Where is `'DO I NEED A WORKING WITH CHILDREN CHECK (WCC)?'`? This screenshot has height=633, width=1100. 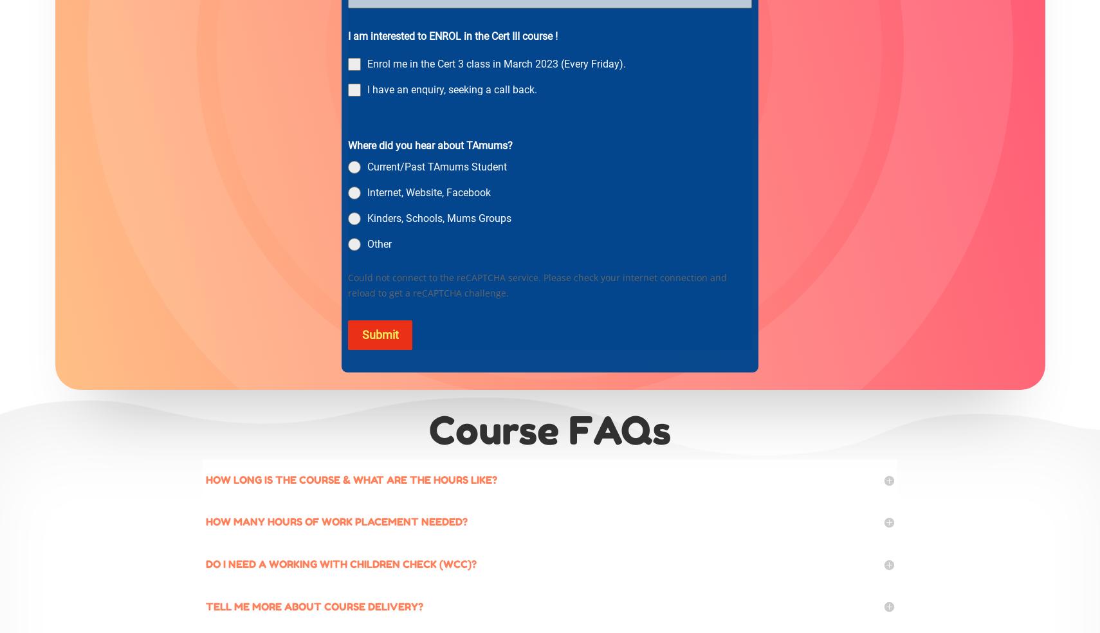
'DO I NEED A WORKING WITH CHILDREN CHECK (WCC)?' is located at coordinates (341, 564).